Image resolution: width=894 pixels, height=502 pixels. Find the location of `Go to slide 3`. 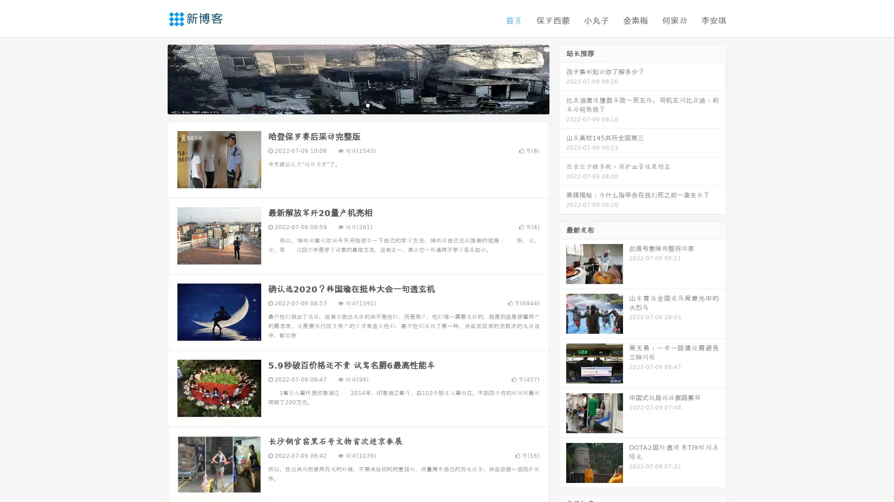

Go to slide 3 is located at coordinates (367, 105).